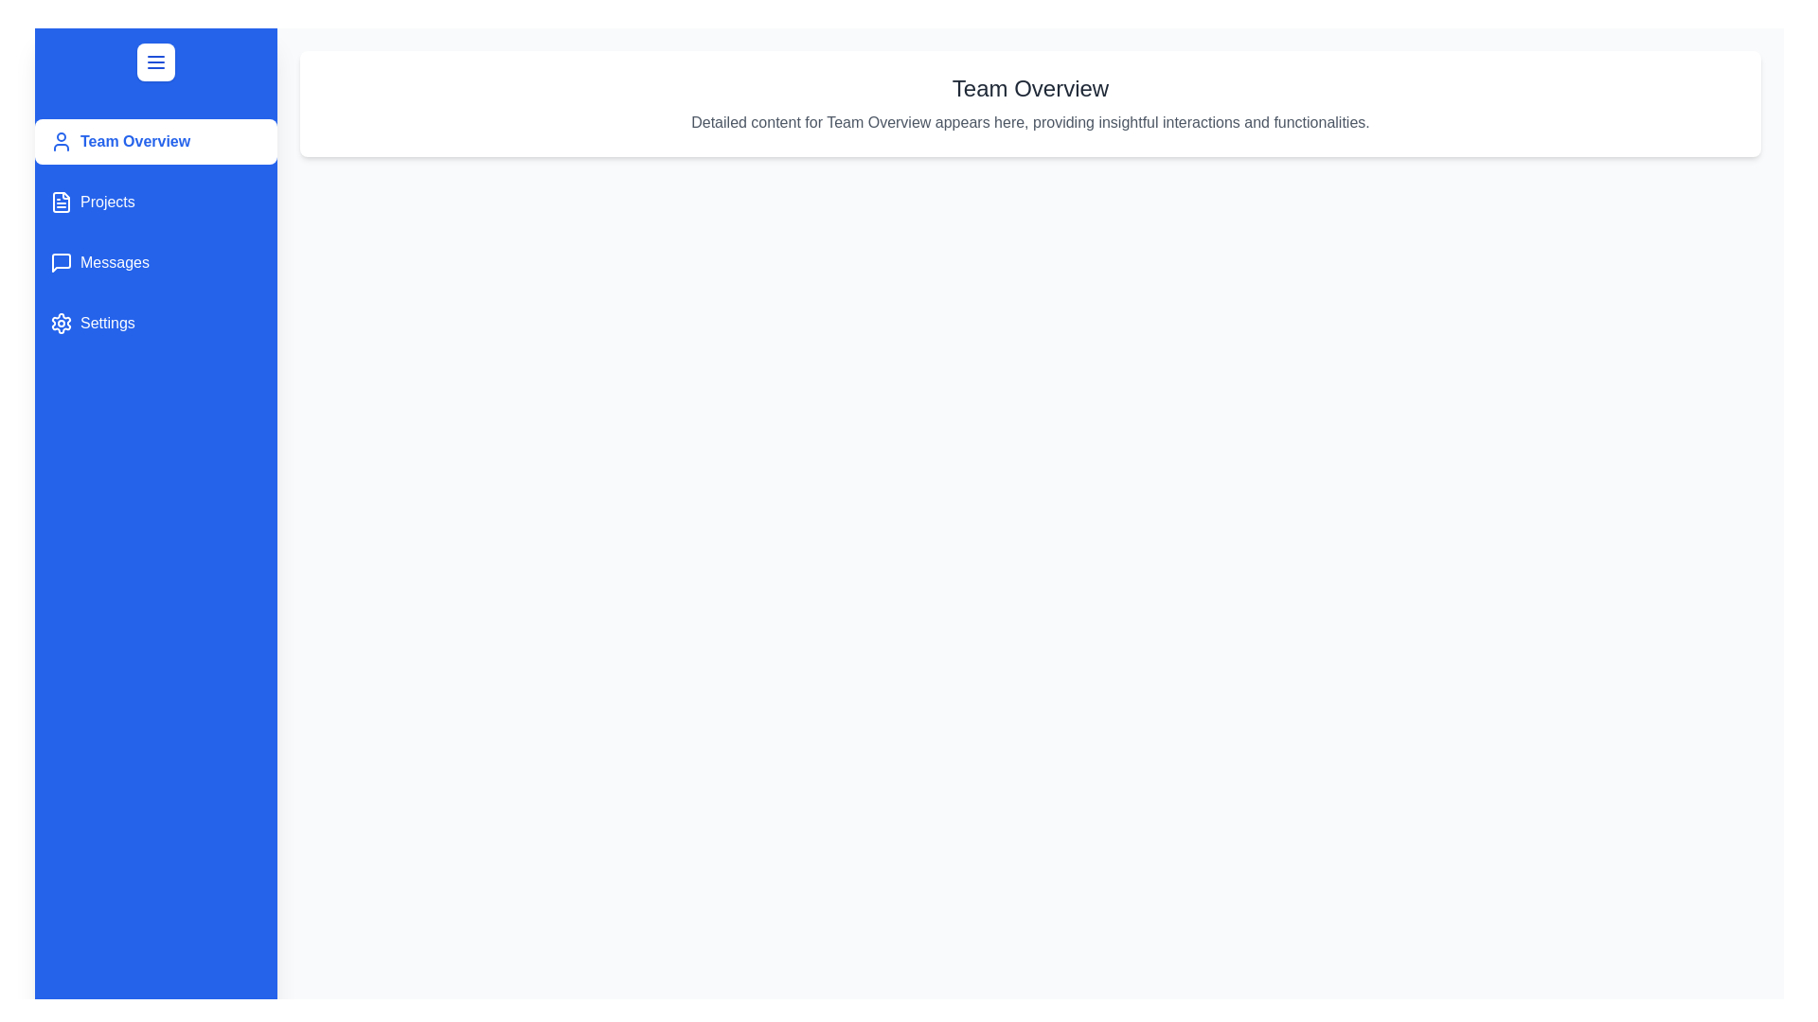 The width and height of the screenshot is (1818, 1022). What do you see at coordinates (155, 202) in the screenshot?
I see `the panel Projects from the sidebar` at bounding box center [155, 202].